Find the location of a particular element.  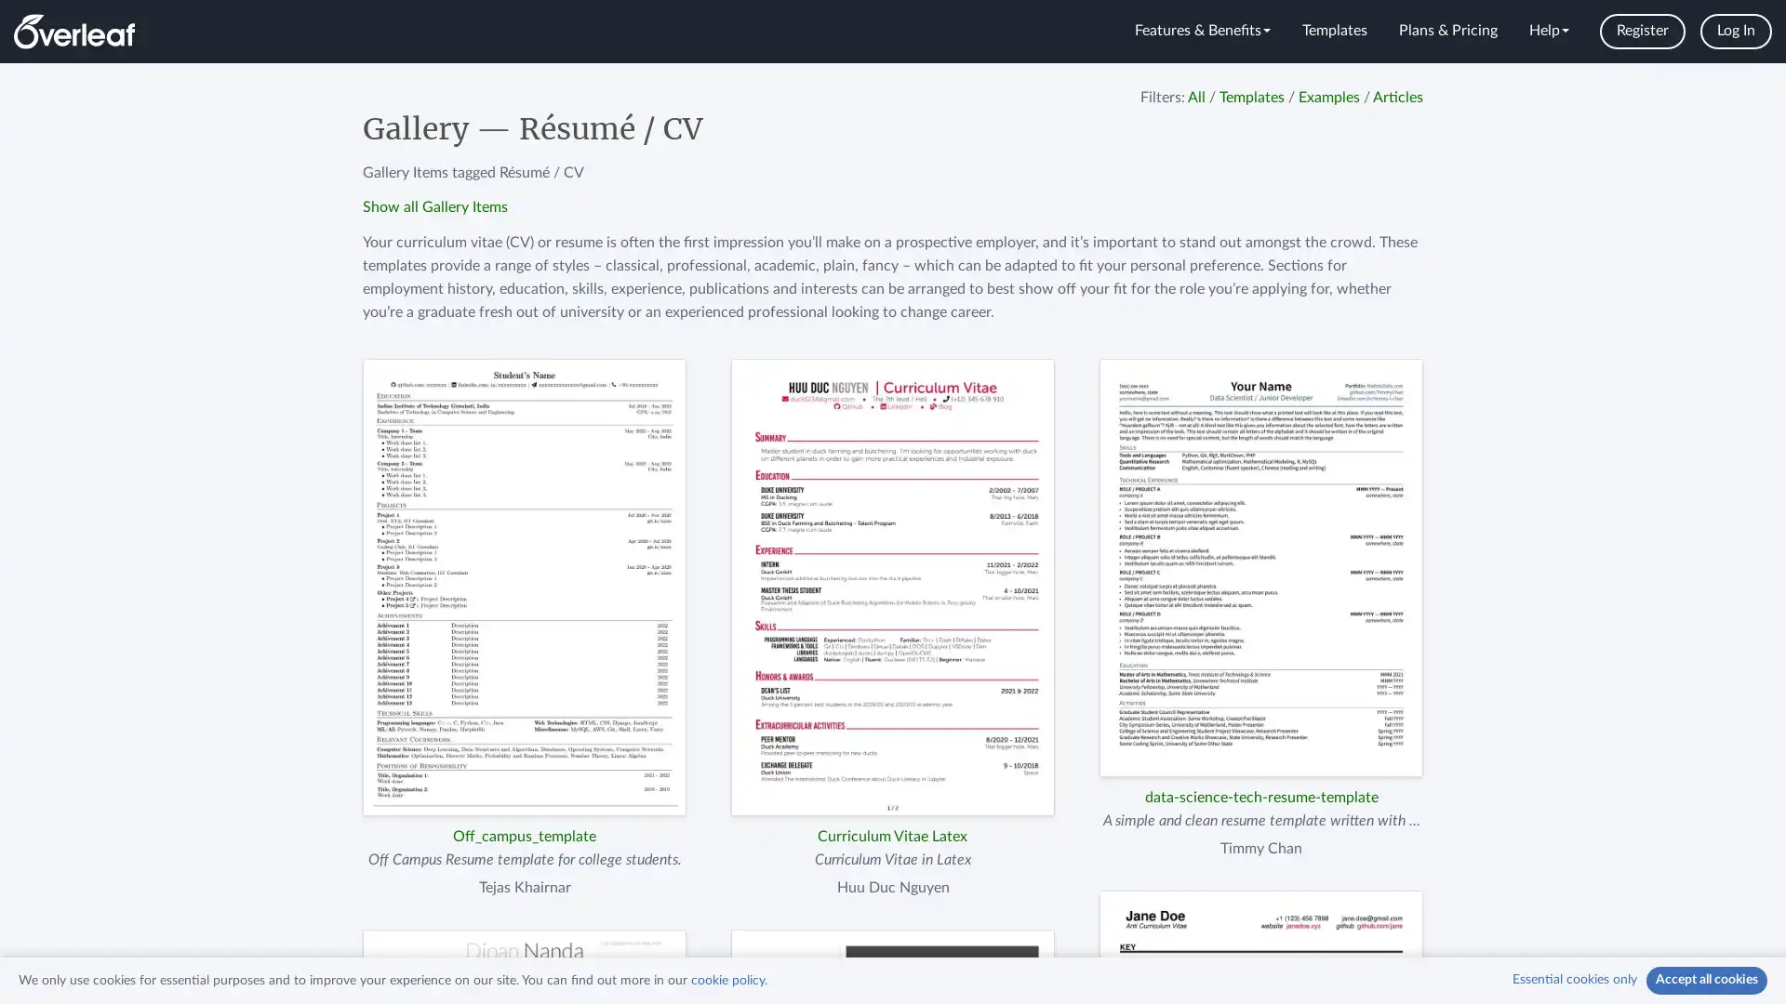

Accept all cookies is located at coordinates (1706, 980).